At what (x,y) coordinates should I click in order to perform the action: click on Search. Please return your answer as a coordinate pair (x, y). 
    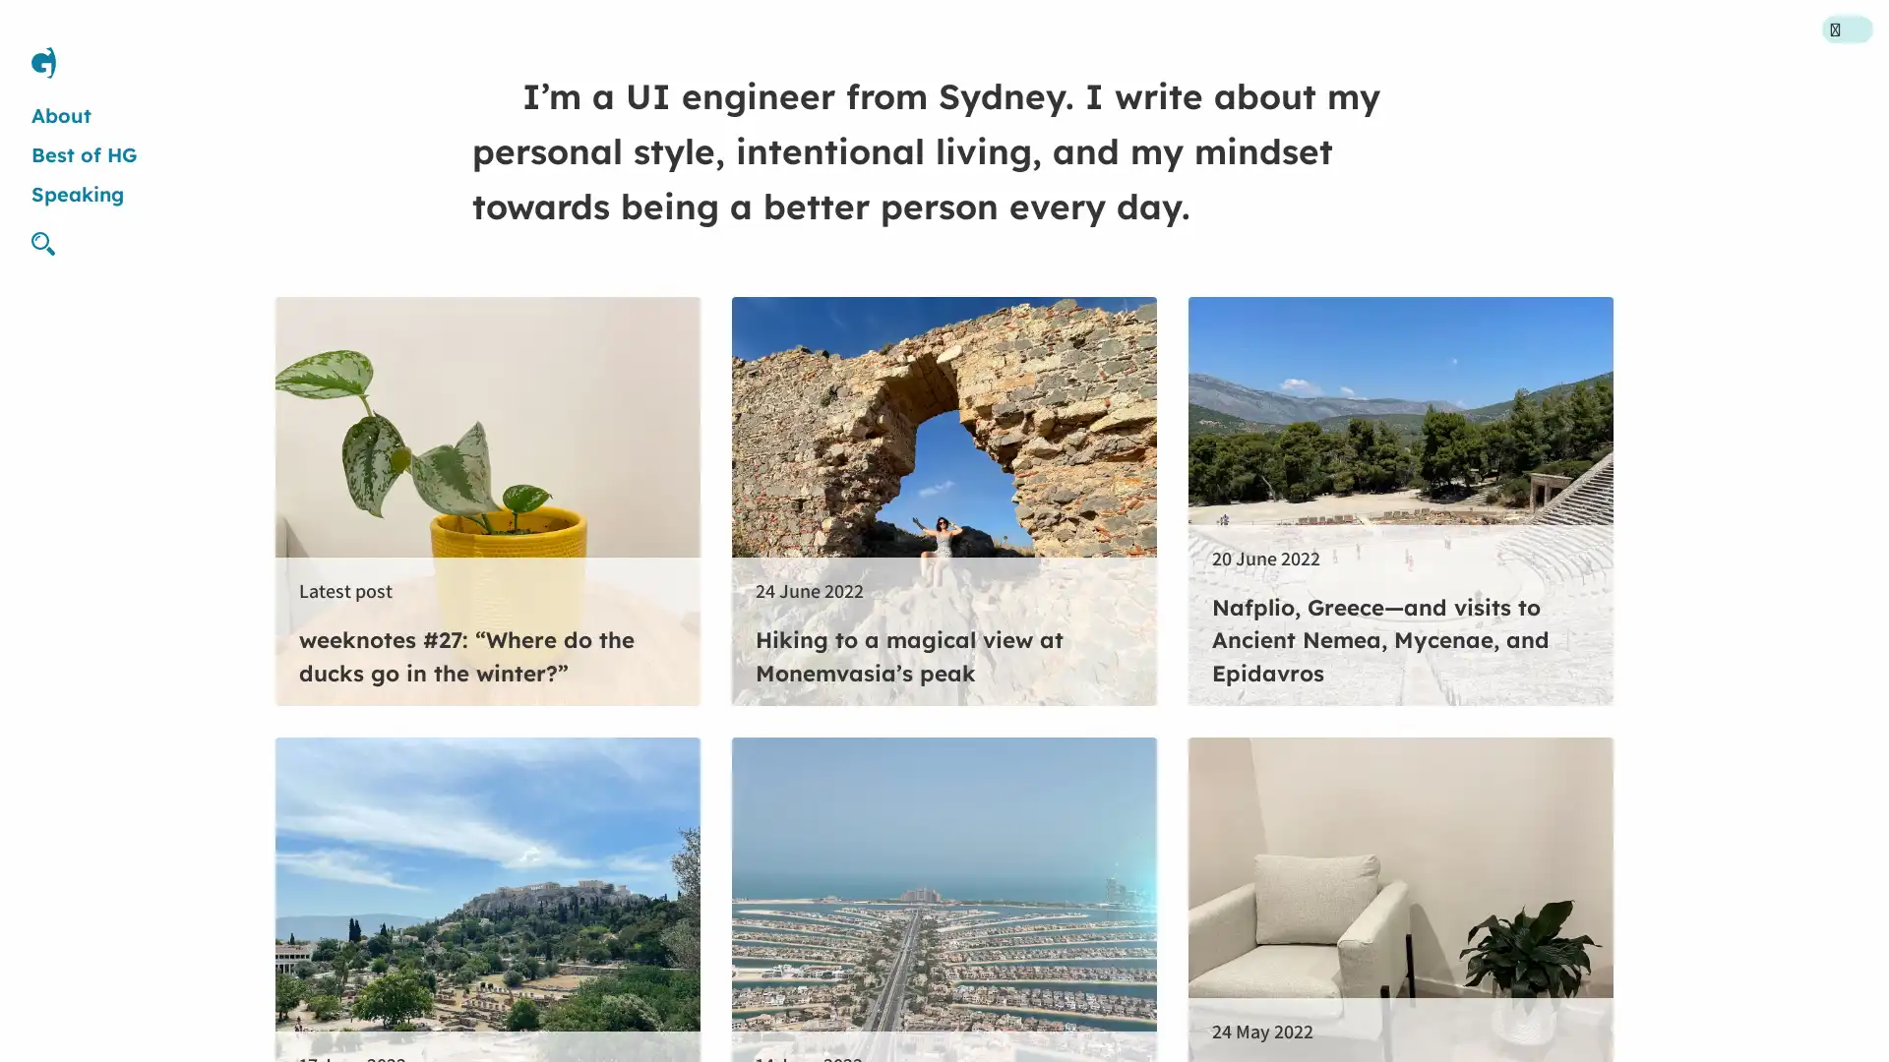
    Looking at the image, I should click on (1119, 529).